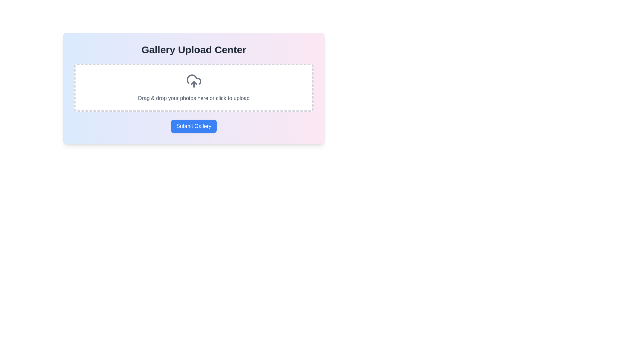 The image size is (639, 359). What do you see at coordinates (193, 80) in the screenshot?
I see `a file towards the cloud icon with an upward arrow, located at the center of the dashed rectangular zone beneath the 'Gallery Upload Center' title` at bounding box center [193, 80].